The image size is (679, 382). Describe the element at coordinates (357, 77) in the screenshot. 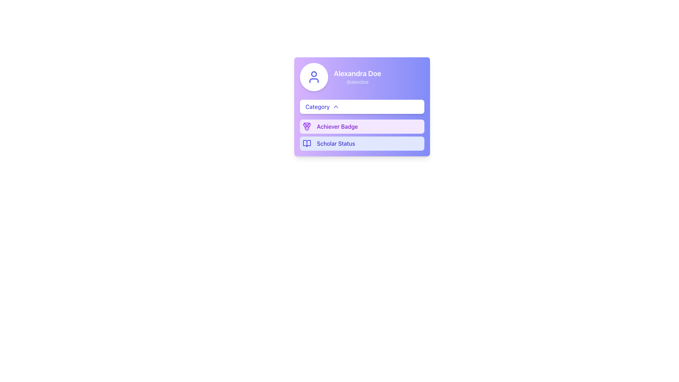

I see `on the name 'Alexandra Doe' displayed in larger white bold font within the text block on a purple background` at that location.